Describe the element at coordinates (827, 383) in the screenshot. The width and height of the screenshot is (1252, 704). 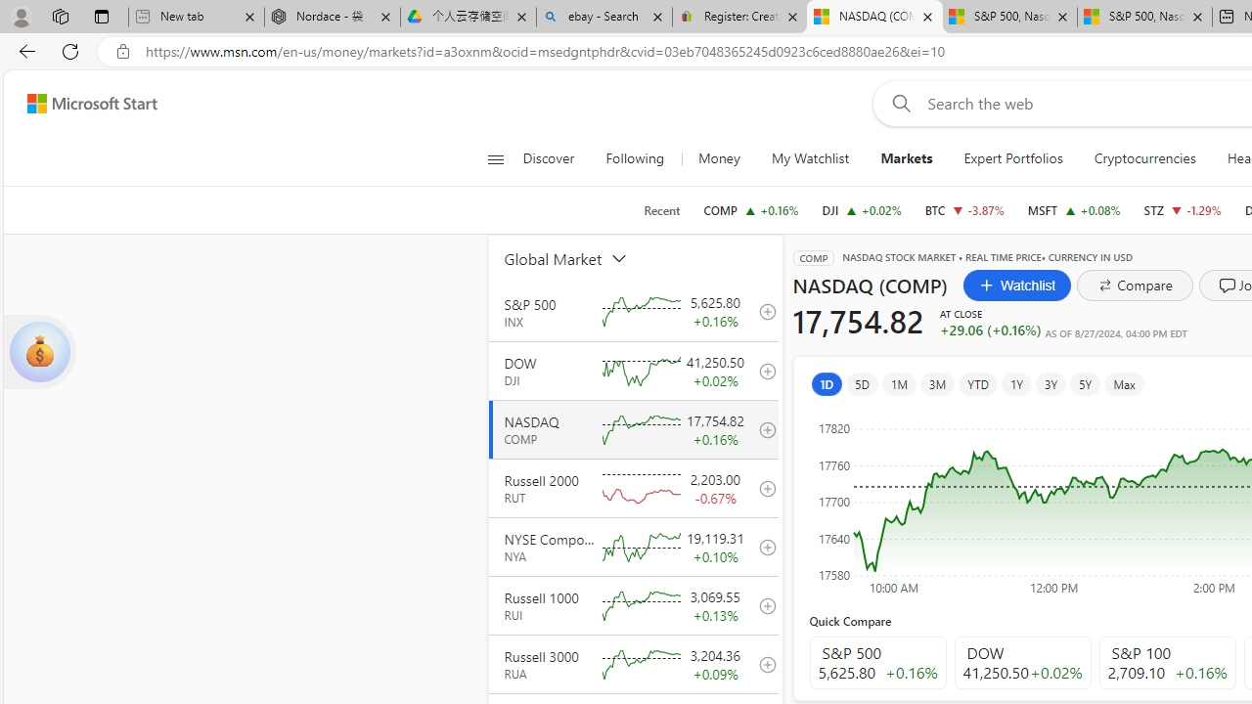
I see `'1D'` at that location.